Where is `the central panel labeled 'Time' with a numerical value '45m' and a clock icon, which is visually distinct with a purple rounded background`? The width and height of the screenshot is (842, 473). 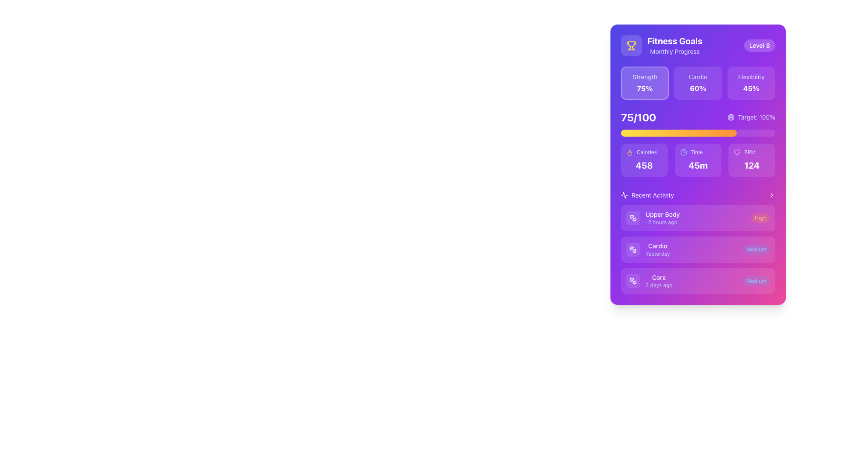
the central panel labeled 'Time' with a numerical value '45m' and a clock icon, which is visually distinct with a purple rounded background is located at coordinates (698, 160).